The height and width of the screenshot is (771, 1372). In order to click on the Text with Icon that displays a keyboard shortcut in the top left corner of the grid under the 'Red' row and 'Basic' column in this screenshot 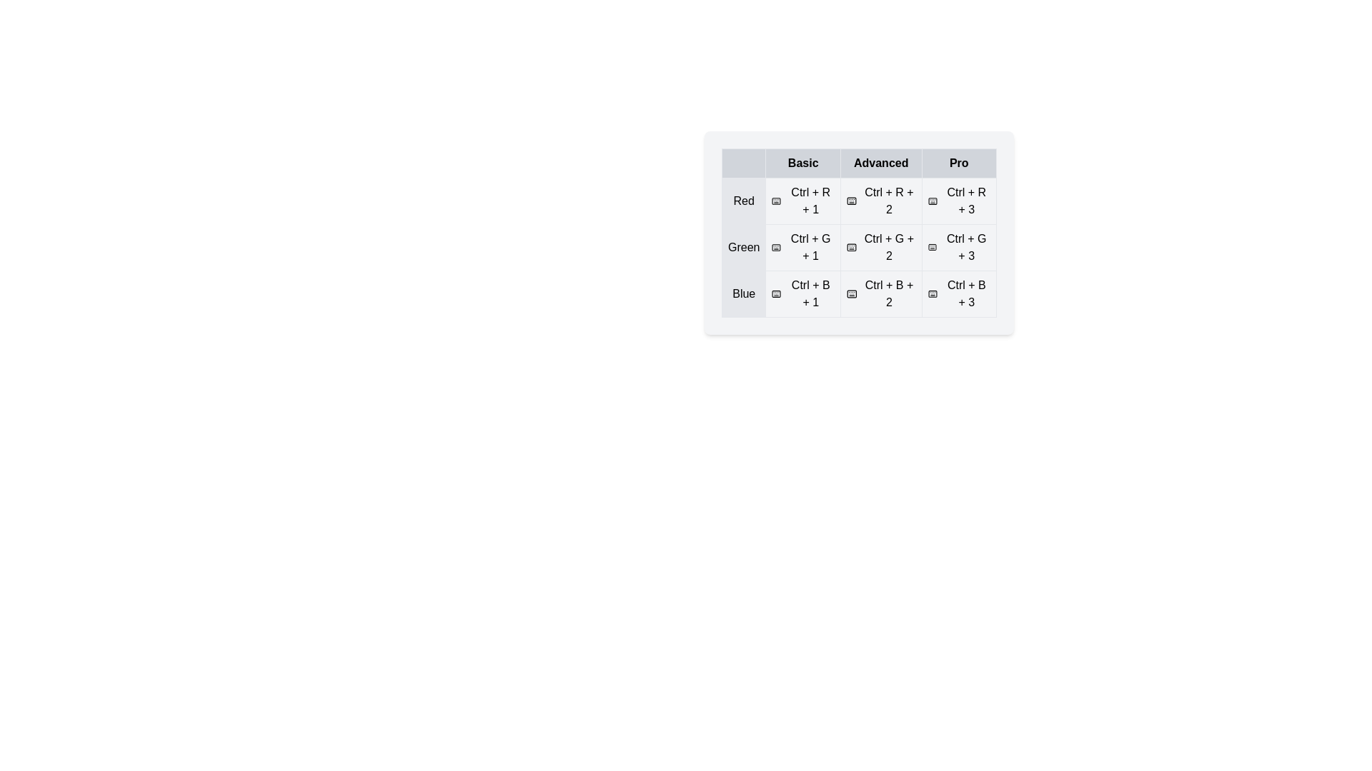, I will do `click(803, 201)`.